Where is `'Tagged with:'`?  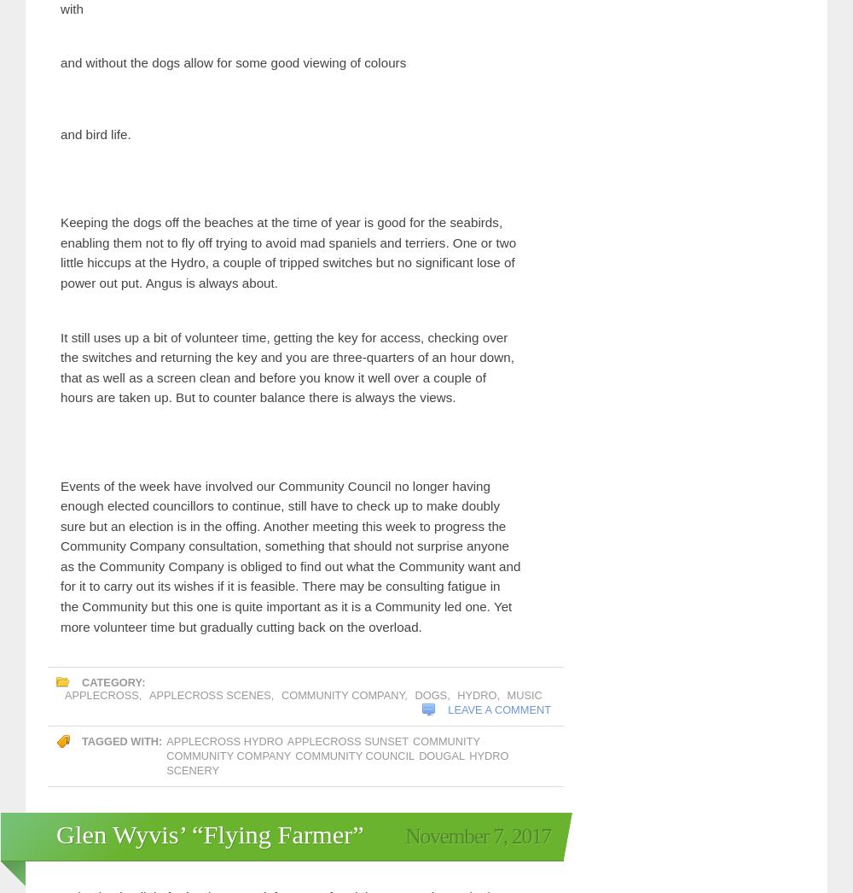 'Tagged with:' is located at coordinates (122, 673).